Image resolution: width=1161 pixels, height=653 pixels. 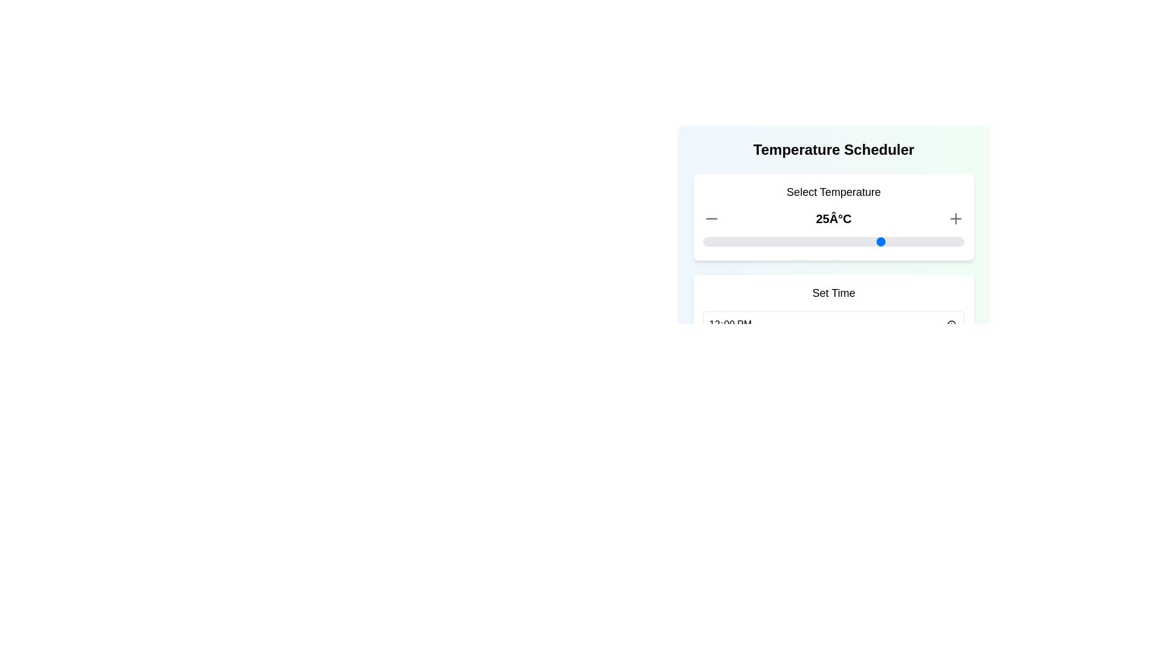 What do you see at coordinates (955, 219) in the screenshot?
I see `the button located to the right of the temperature display ('25°C') to increase the temperature setting` at bounding box center [955, 219].